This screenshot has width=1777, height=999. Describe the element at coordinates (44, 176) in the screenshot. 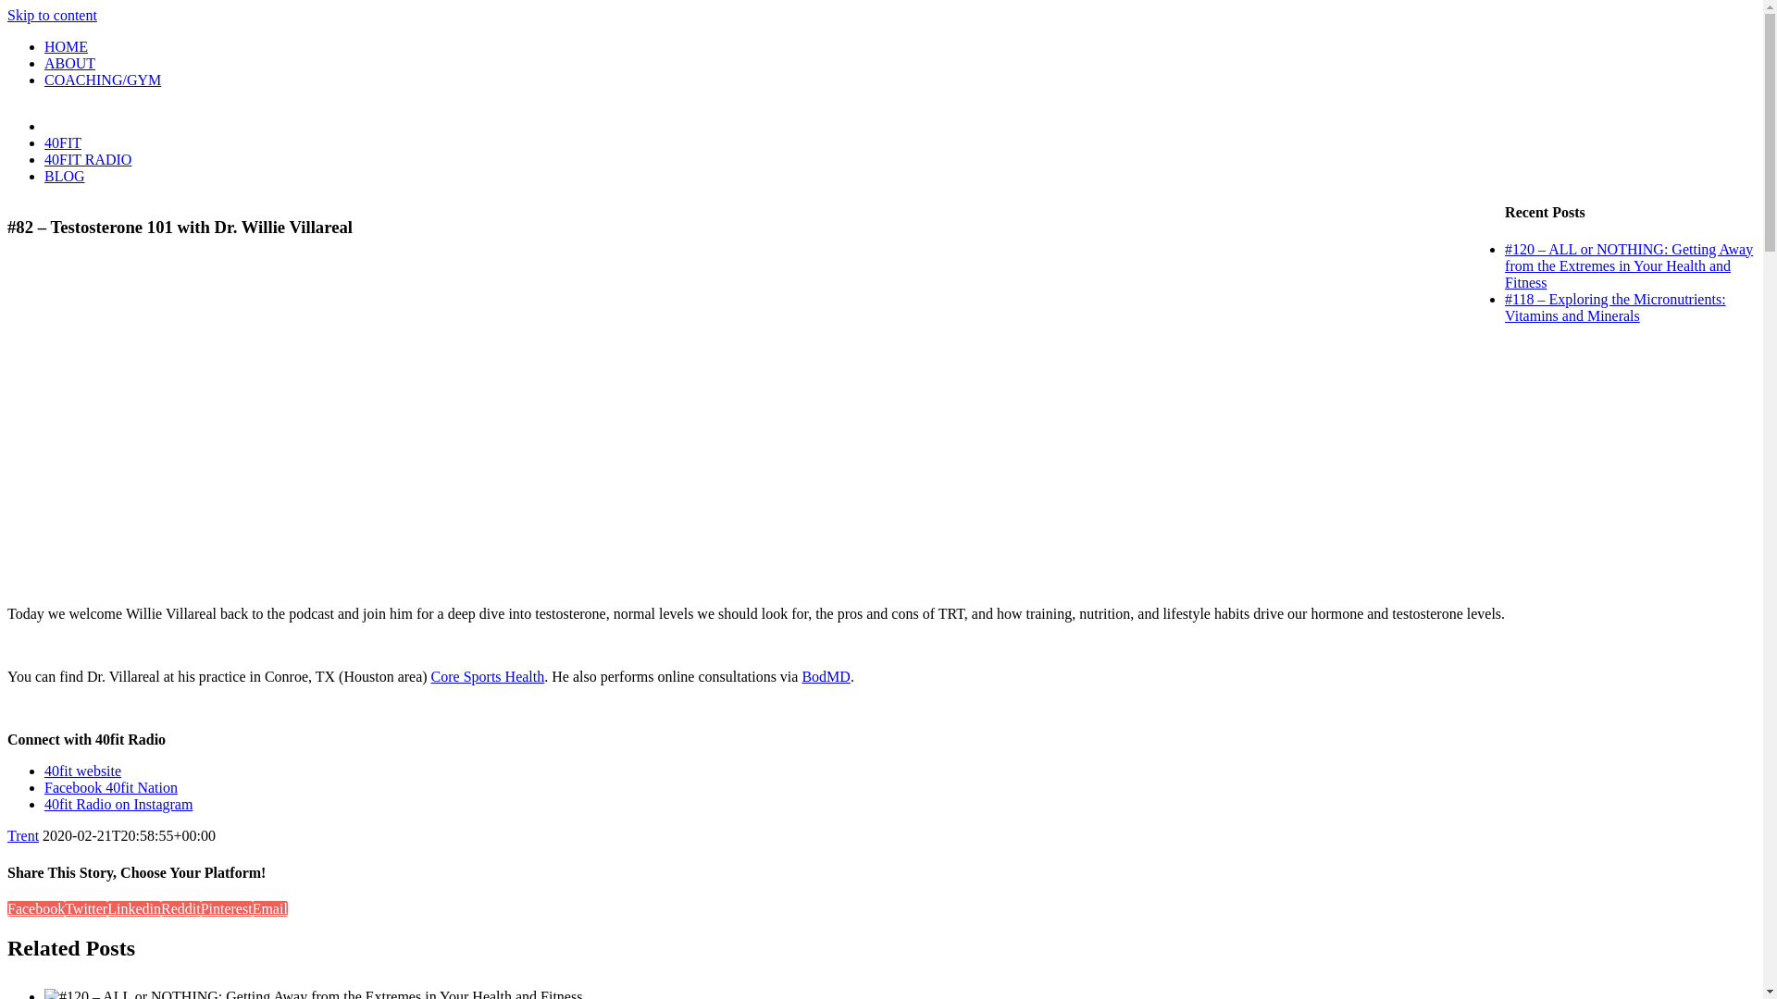

I see `'BLOG'` at that location.